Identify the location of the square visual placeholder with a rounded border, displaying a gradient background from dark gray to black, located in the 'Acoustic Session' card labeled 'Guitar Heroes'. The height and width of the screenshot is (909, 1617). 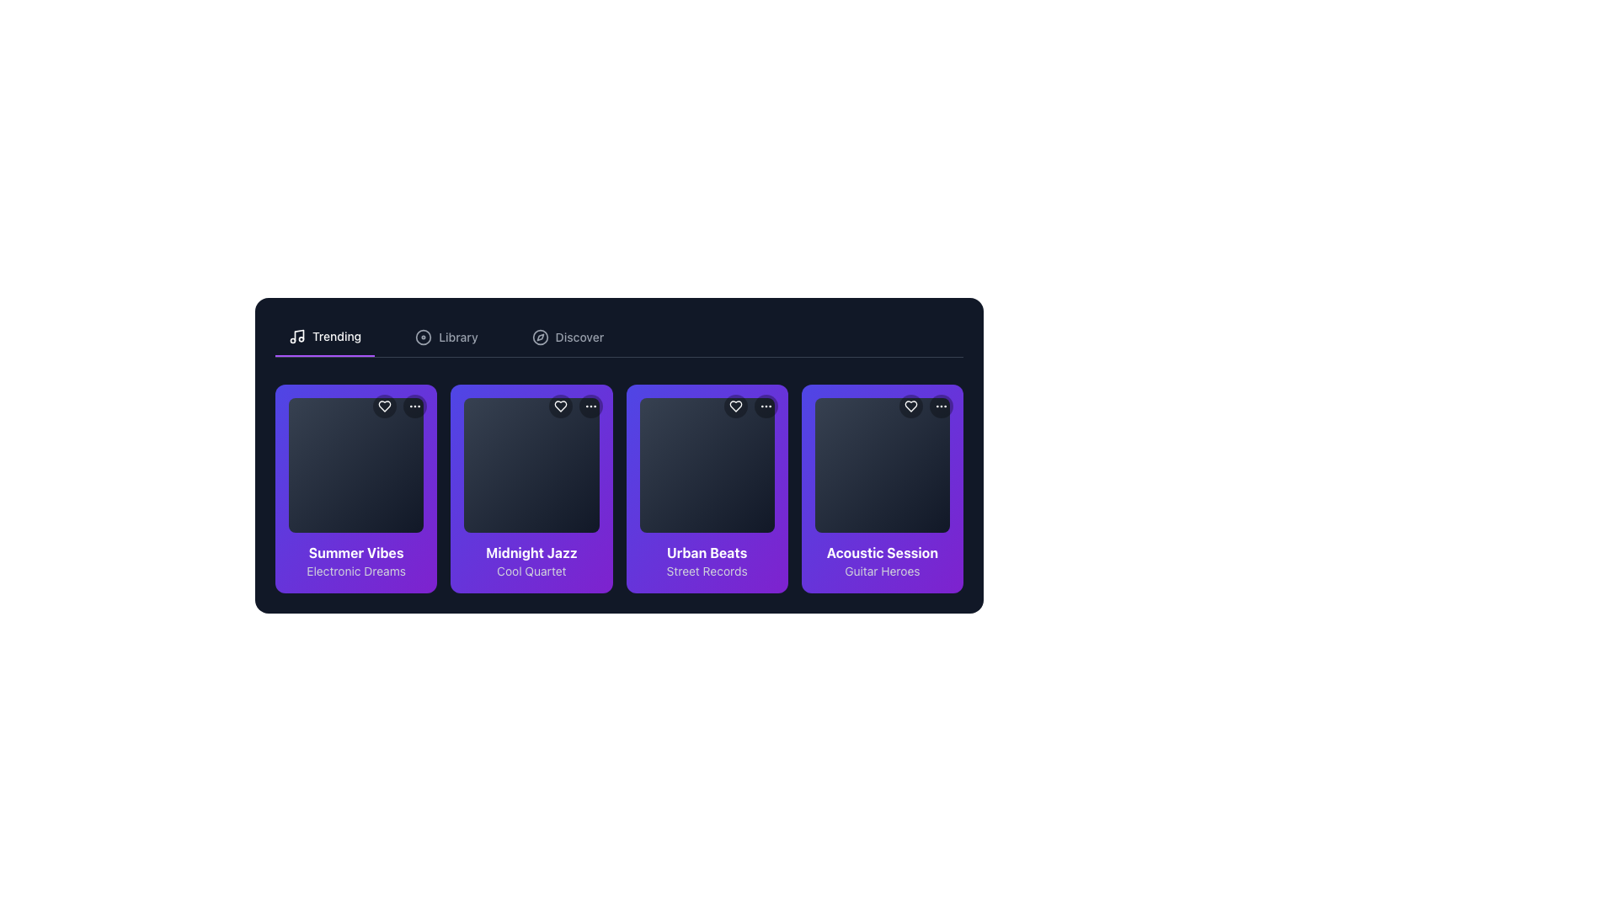
(881, 465).